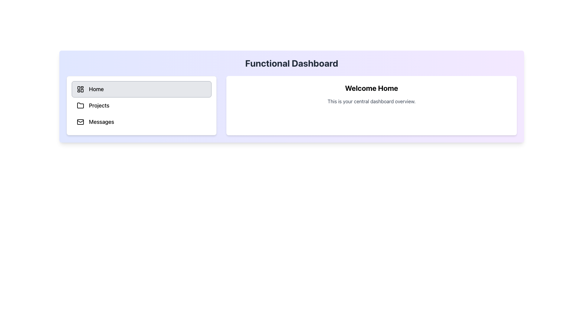 Image resolution: width=581 pixels, height=327 pixels. Describe the element at coordinates (80, 89) in the screenshot. I see `the 'Home' icon which visually represents the 'Home' menu item, positioned to the left of the button's text label` at that location.